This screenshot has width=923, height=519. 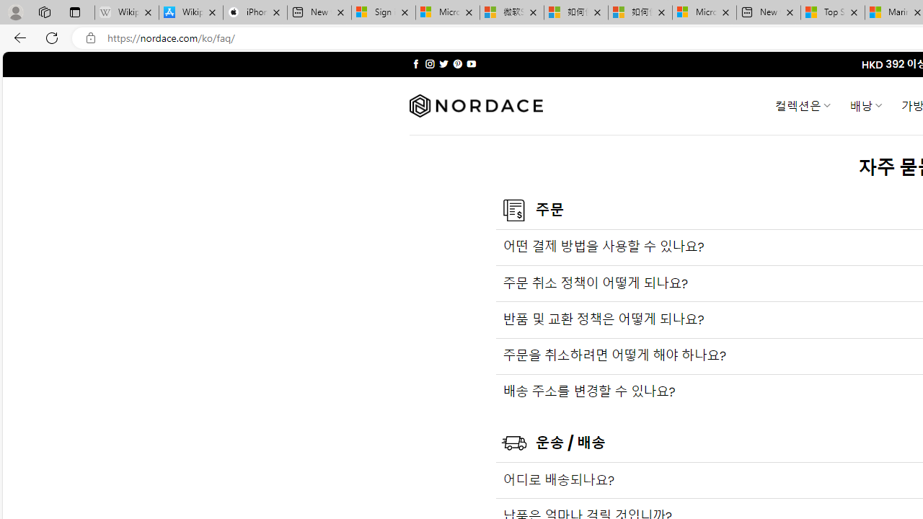 What do you see at coordinates (383, 12) in the screenshot?
I see `'Sign in to your Microsoft account'` at bounding box center [383, 12].